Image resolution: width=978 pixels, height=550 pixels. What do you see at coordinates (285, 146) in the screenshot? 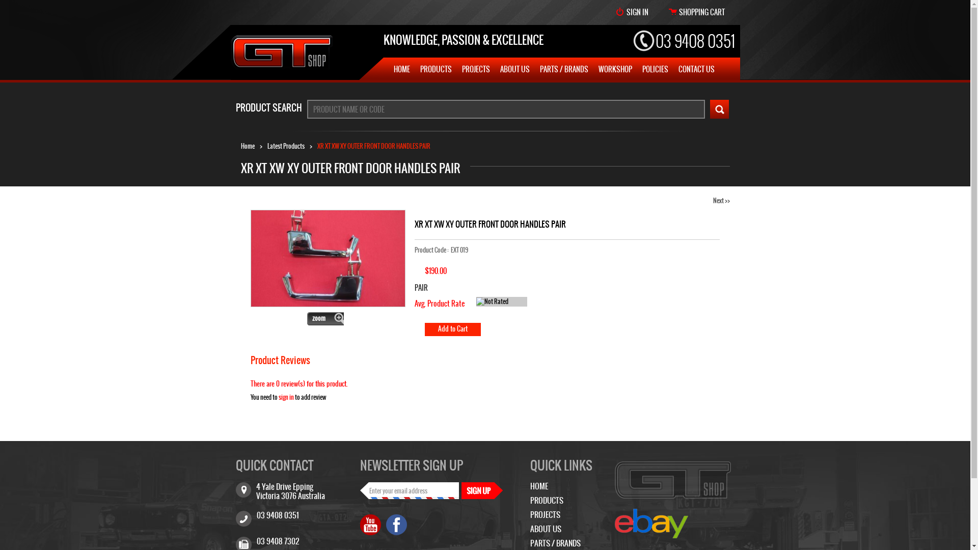
I see `'Latest Products'` at bounding box center [285, 146].